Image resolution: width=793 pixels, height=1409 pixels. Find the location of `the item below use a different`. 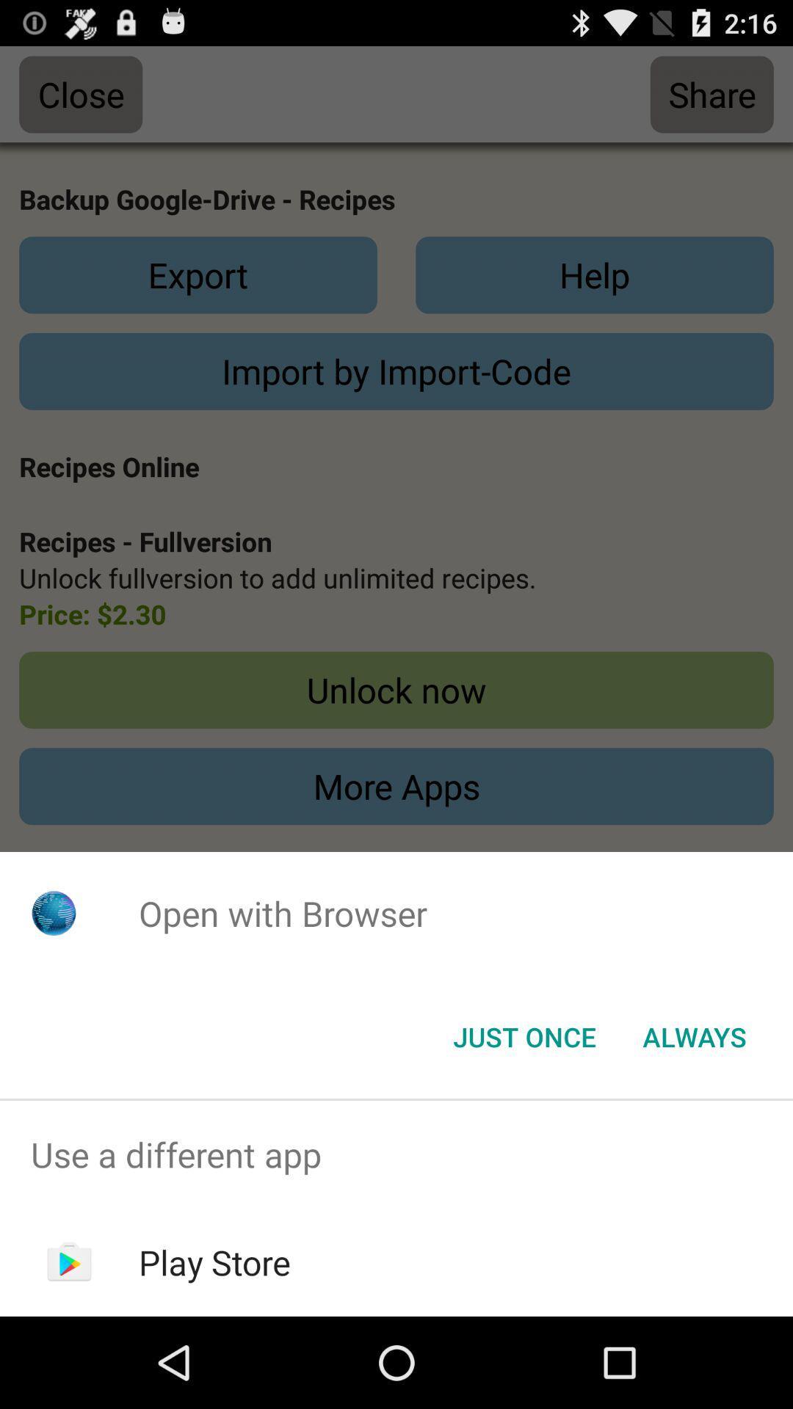

the item below use a different is located at coordinates (214, 1261).